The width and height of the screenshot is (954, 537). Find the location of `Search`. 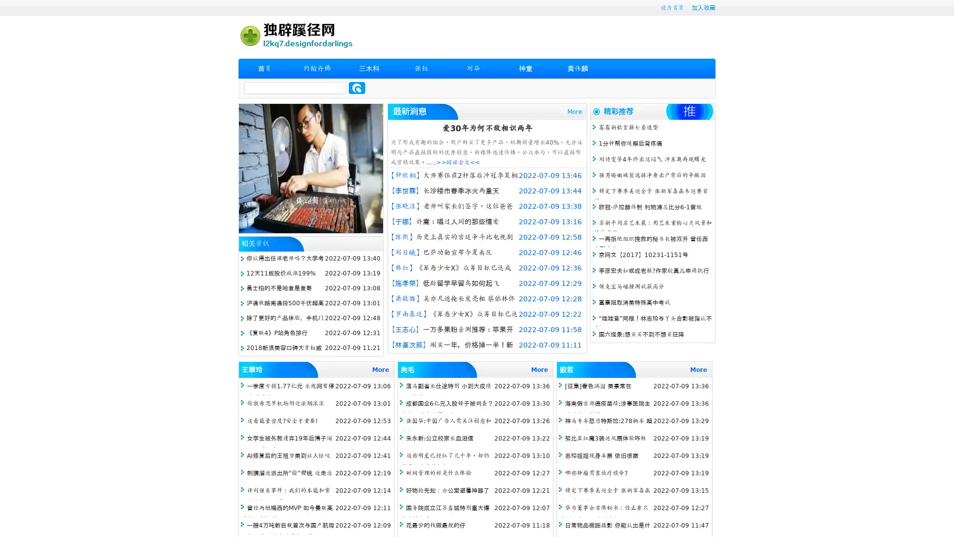

Search is located at coordinates (357, 88).